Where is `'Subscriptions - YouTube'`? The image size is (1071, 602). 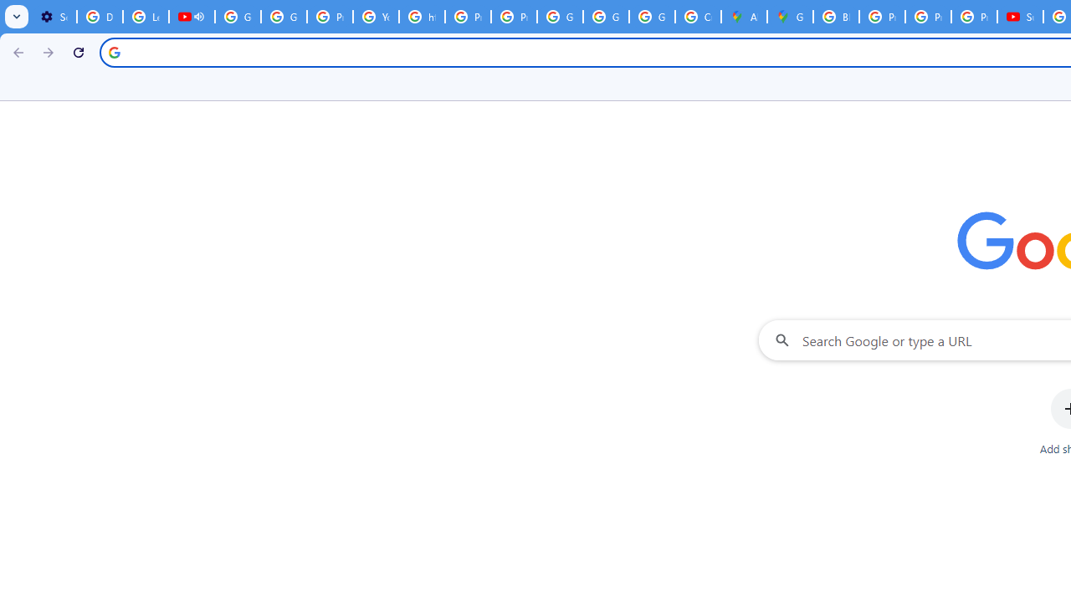
'Subscriptions - YouTube' is located at coordinates (1019, 17).